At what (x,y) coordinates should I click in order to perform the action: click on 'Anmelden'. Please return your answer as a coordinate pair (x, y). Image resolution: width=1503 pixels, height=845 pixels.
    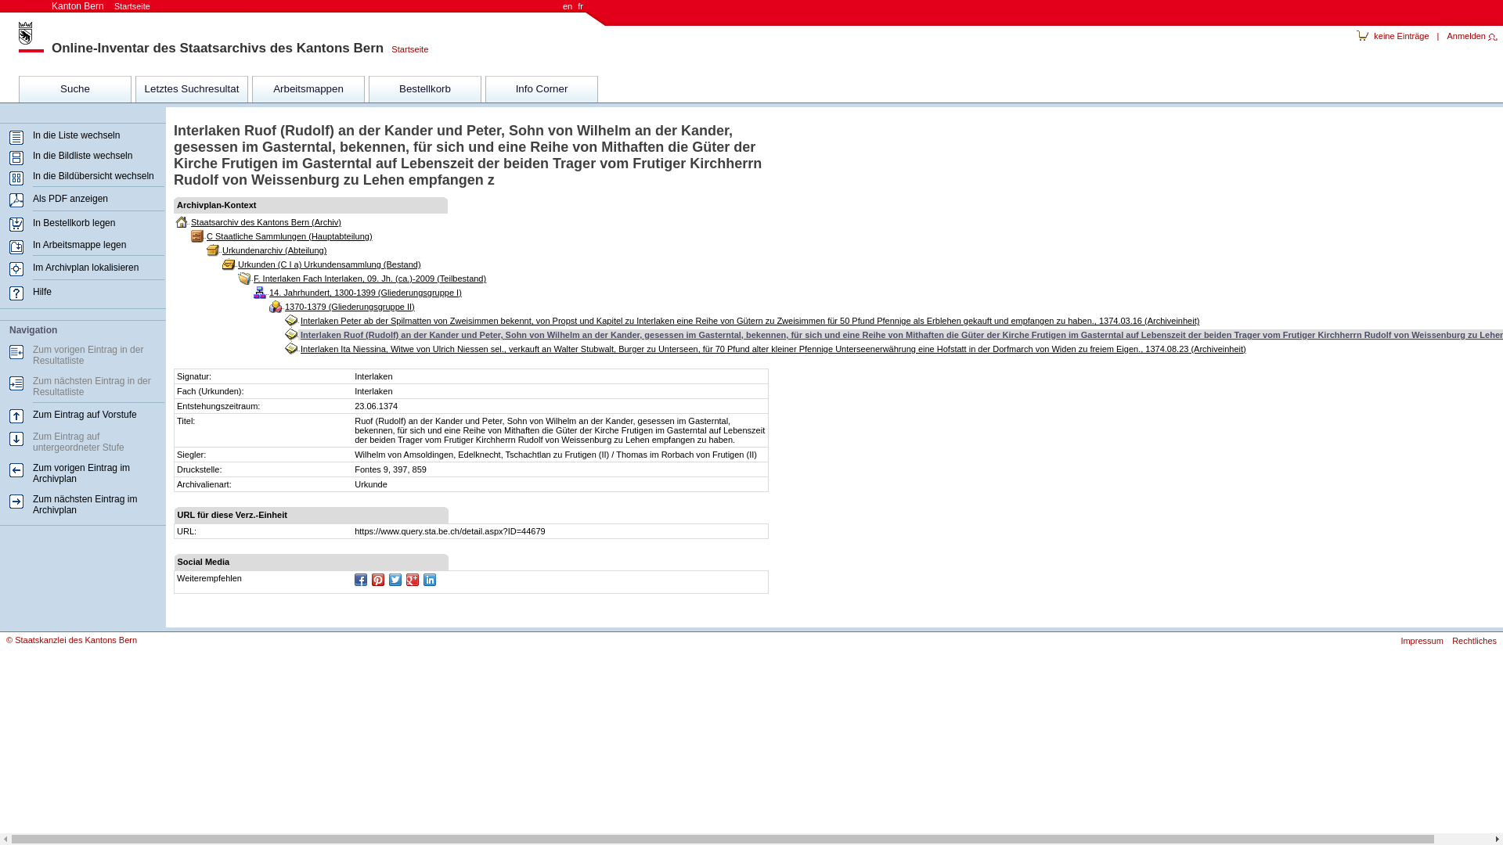
    Looking at the image, I should click on (1471, 35).